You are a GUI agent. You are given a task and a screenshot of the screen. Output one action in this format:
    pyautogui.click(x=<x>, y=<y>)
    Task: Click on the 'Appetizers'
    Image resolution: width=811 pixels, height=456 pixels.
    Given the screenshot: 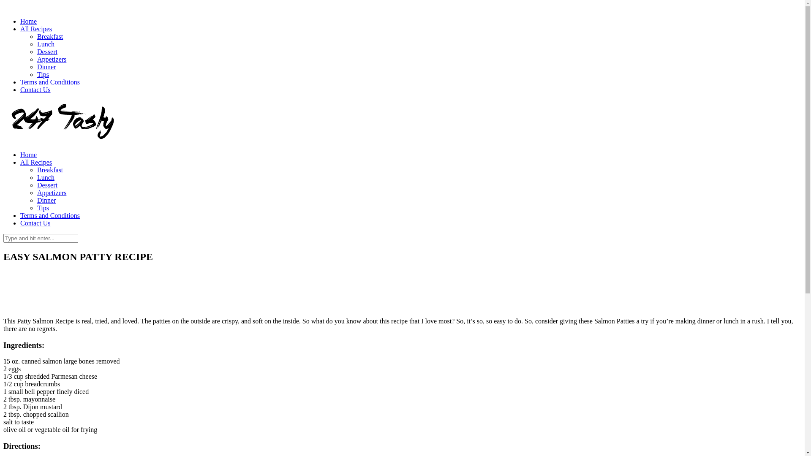 What is the action you would take?
    pyautogui.click(x=51, y=59)
    